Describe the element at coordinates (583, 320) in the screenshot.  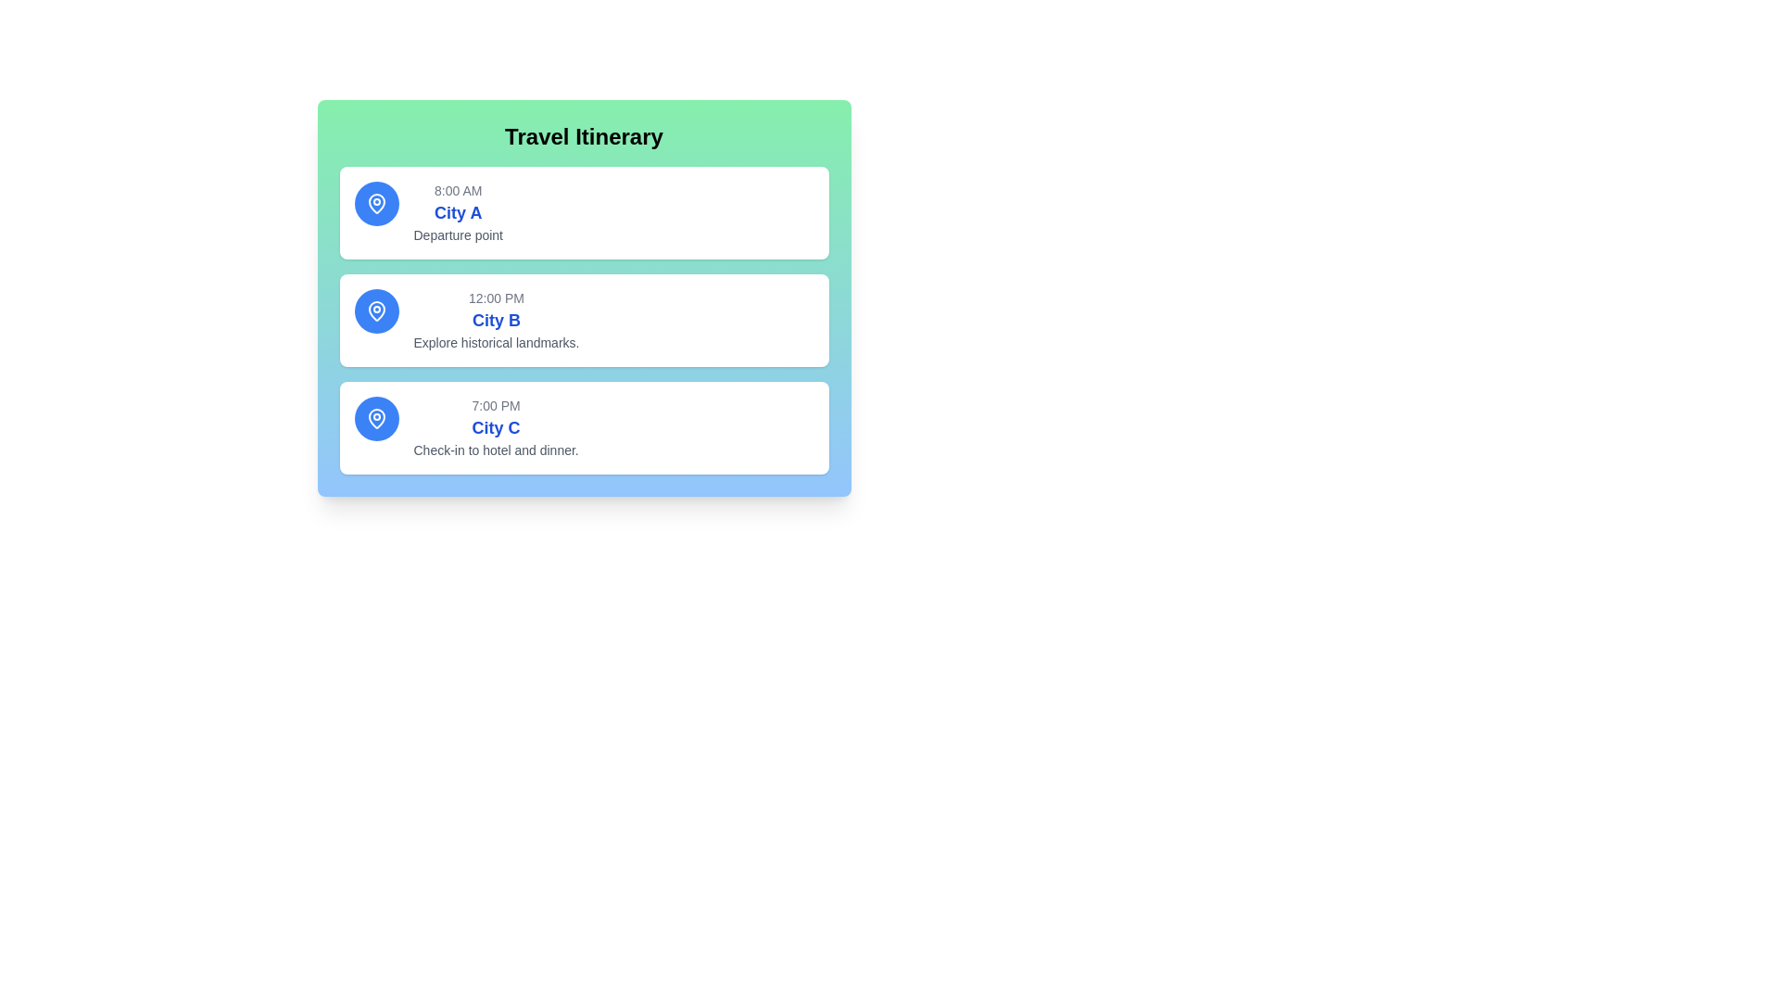
I see `the second Card item in the vertical list under 'Travel Itinerary'` at that location.